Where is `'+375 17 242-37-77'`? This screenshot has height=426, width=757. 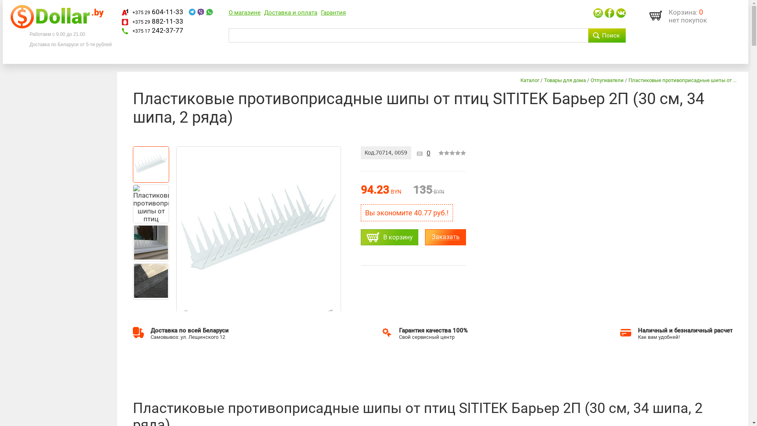
'+375 17 242-37-77' is located at coordinates (158, 30).